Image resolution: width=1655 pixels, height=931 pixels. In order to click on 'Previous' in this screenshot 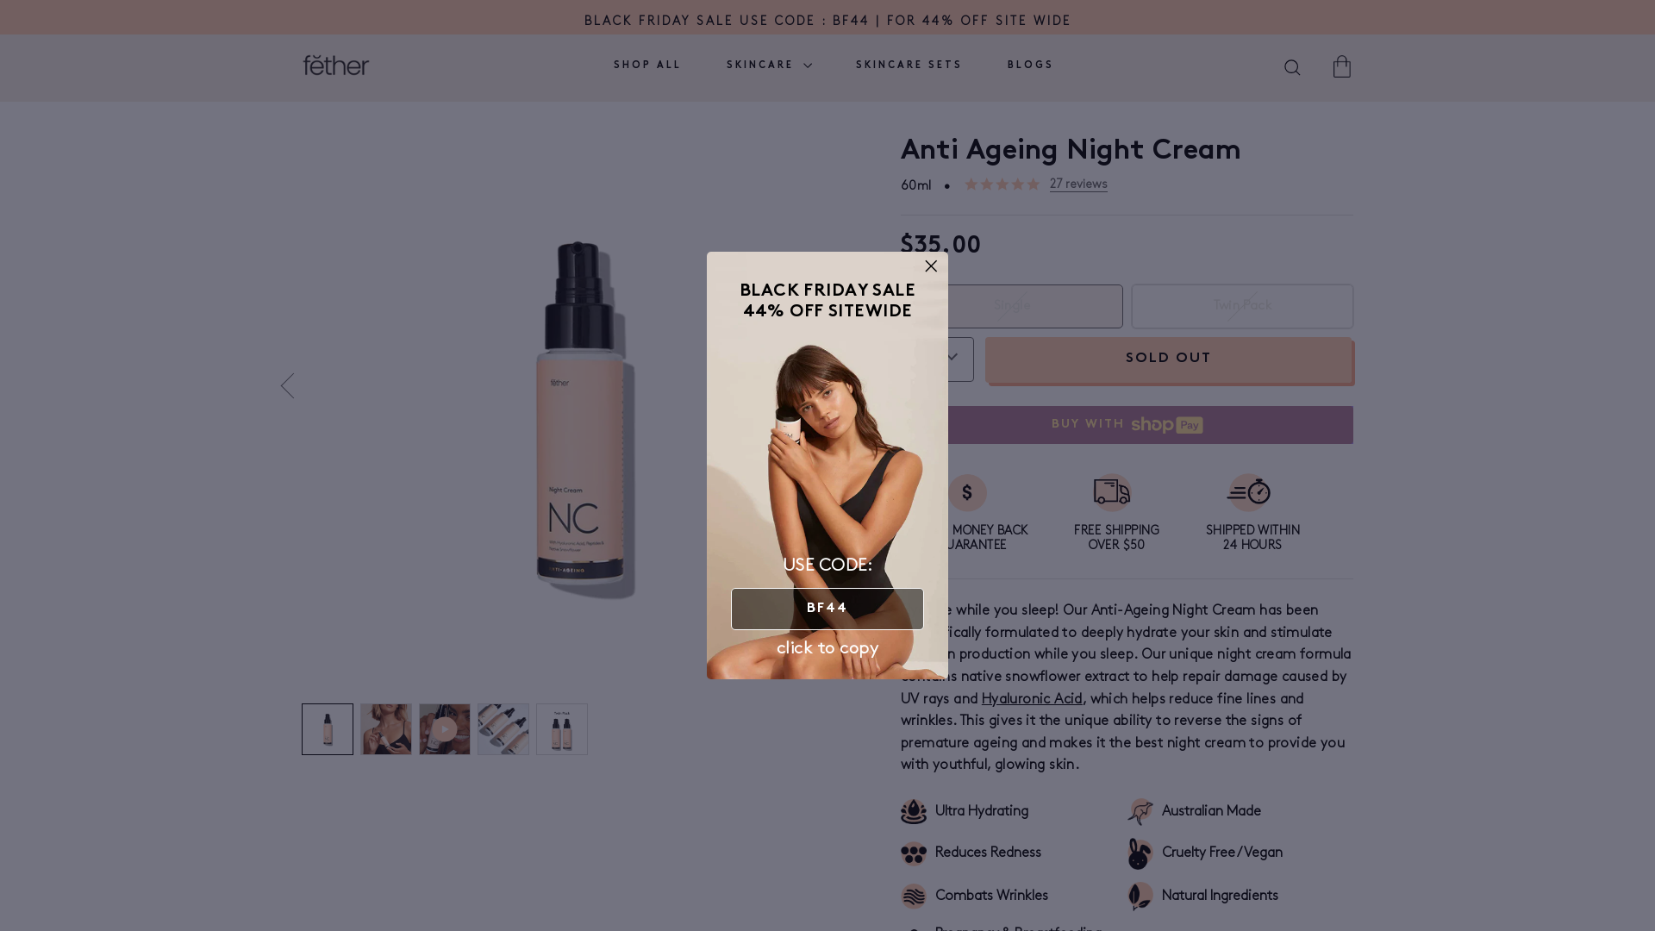, I will do `click(293, 384)`.